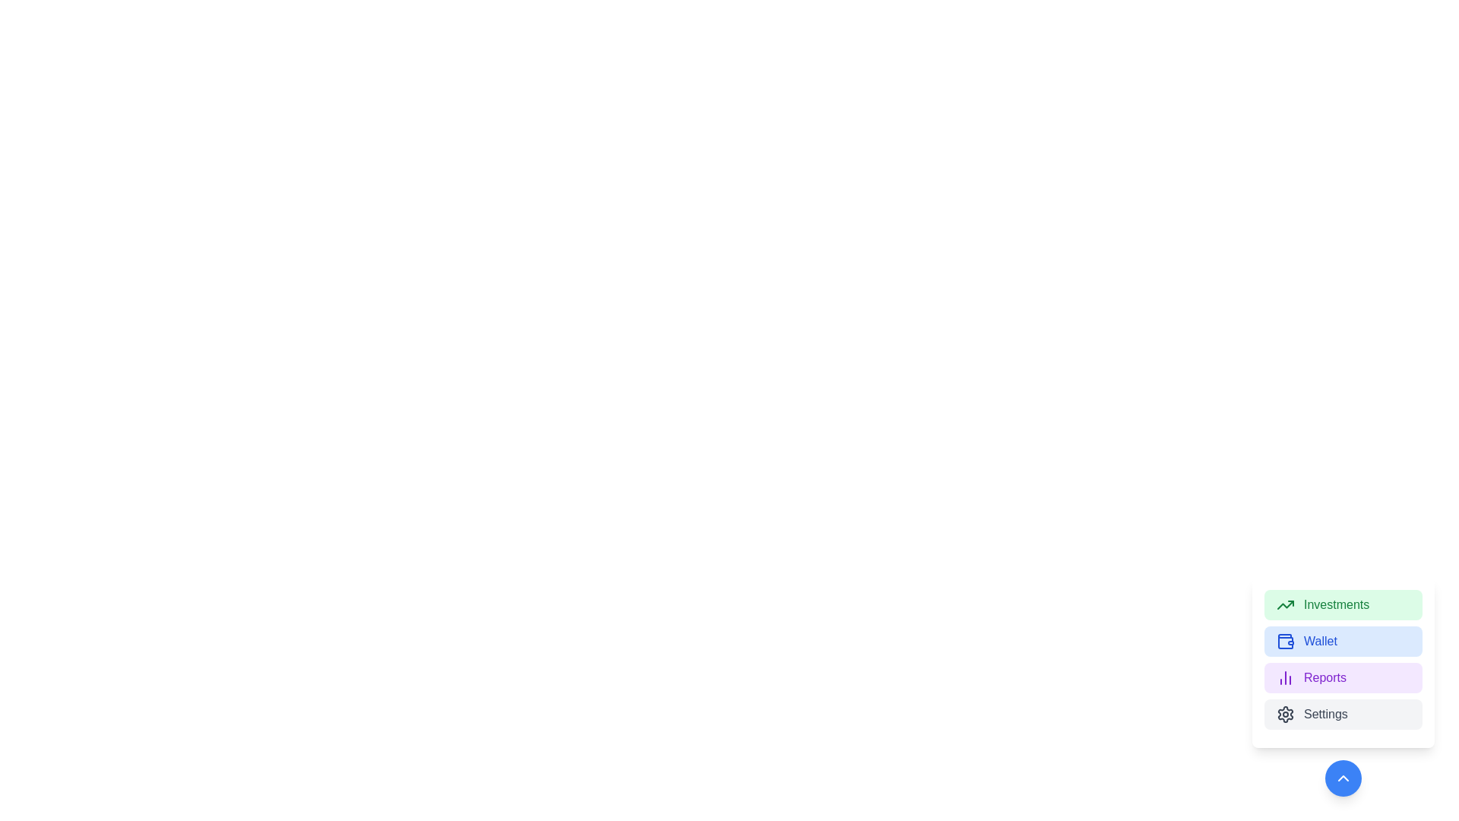  I want to click on the 'Reports' button, so click(1343, 677).